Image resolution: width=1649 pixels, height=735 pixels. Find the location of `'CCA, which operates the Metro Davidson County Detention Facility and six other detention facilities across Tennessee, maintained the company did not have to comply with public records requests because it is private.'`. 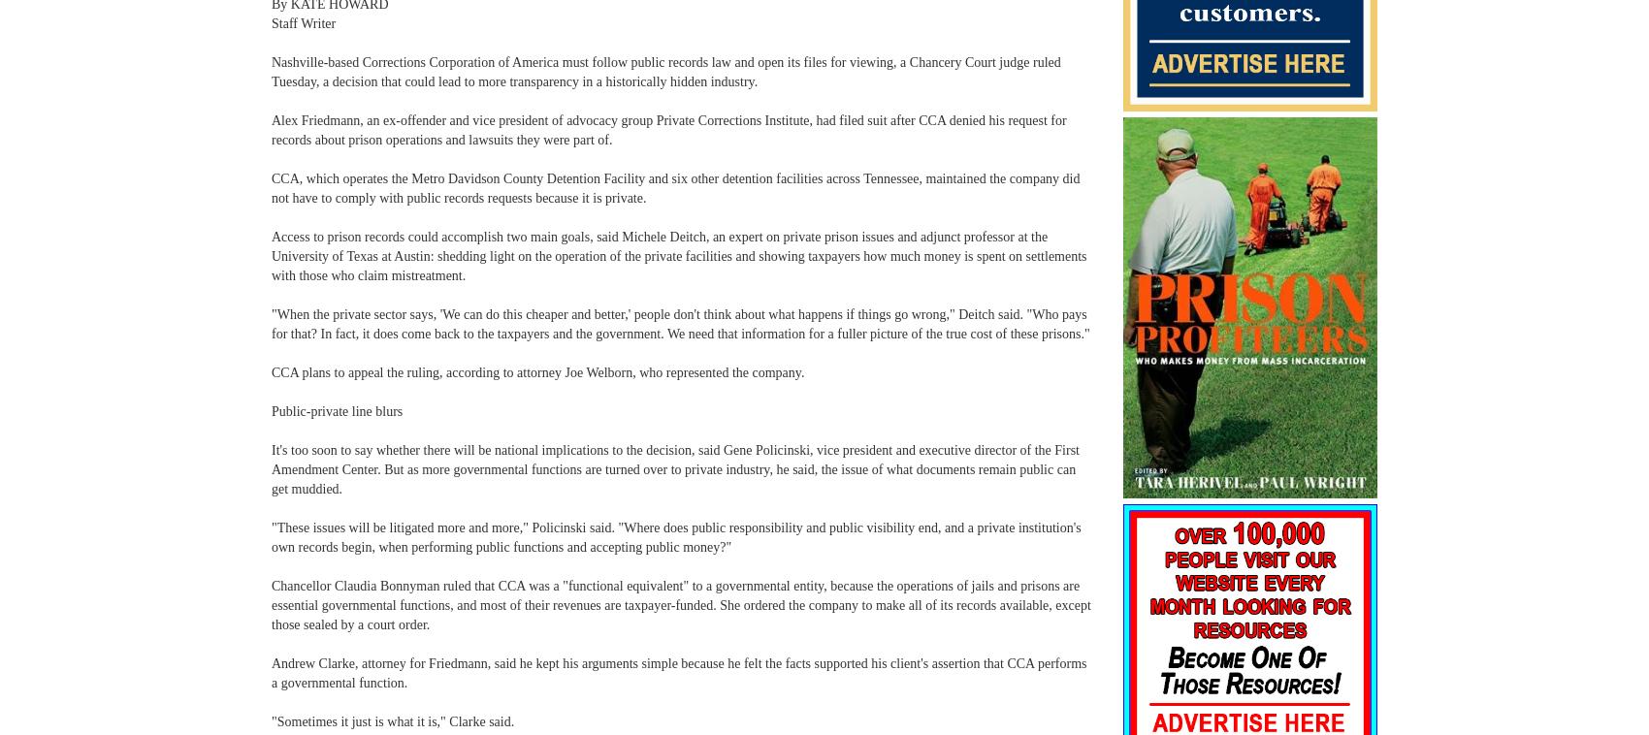

'CCA, which operates the Metro Davidson County Detention Facility and six other detention facilities across Tennessee, maintained the company did not have to comply with public records requests because it is private.' is located at coordinates (675, 188).